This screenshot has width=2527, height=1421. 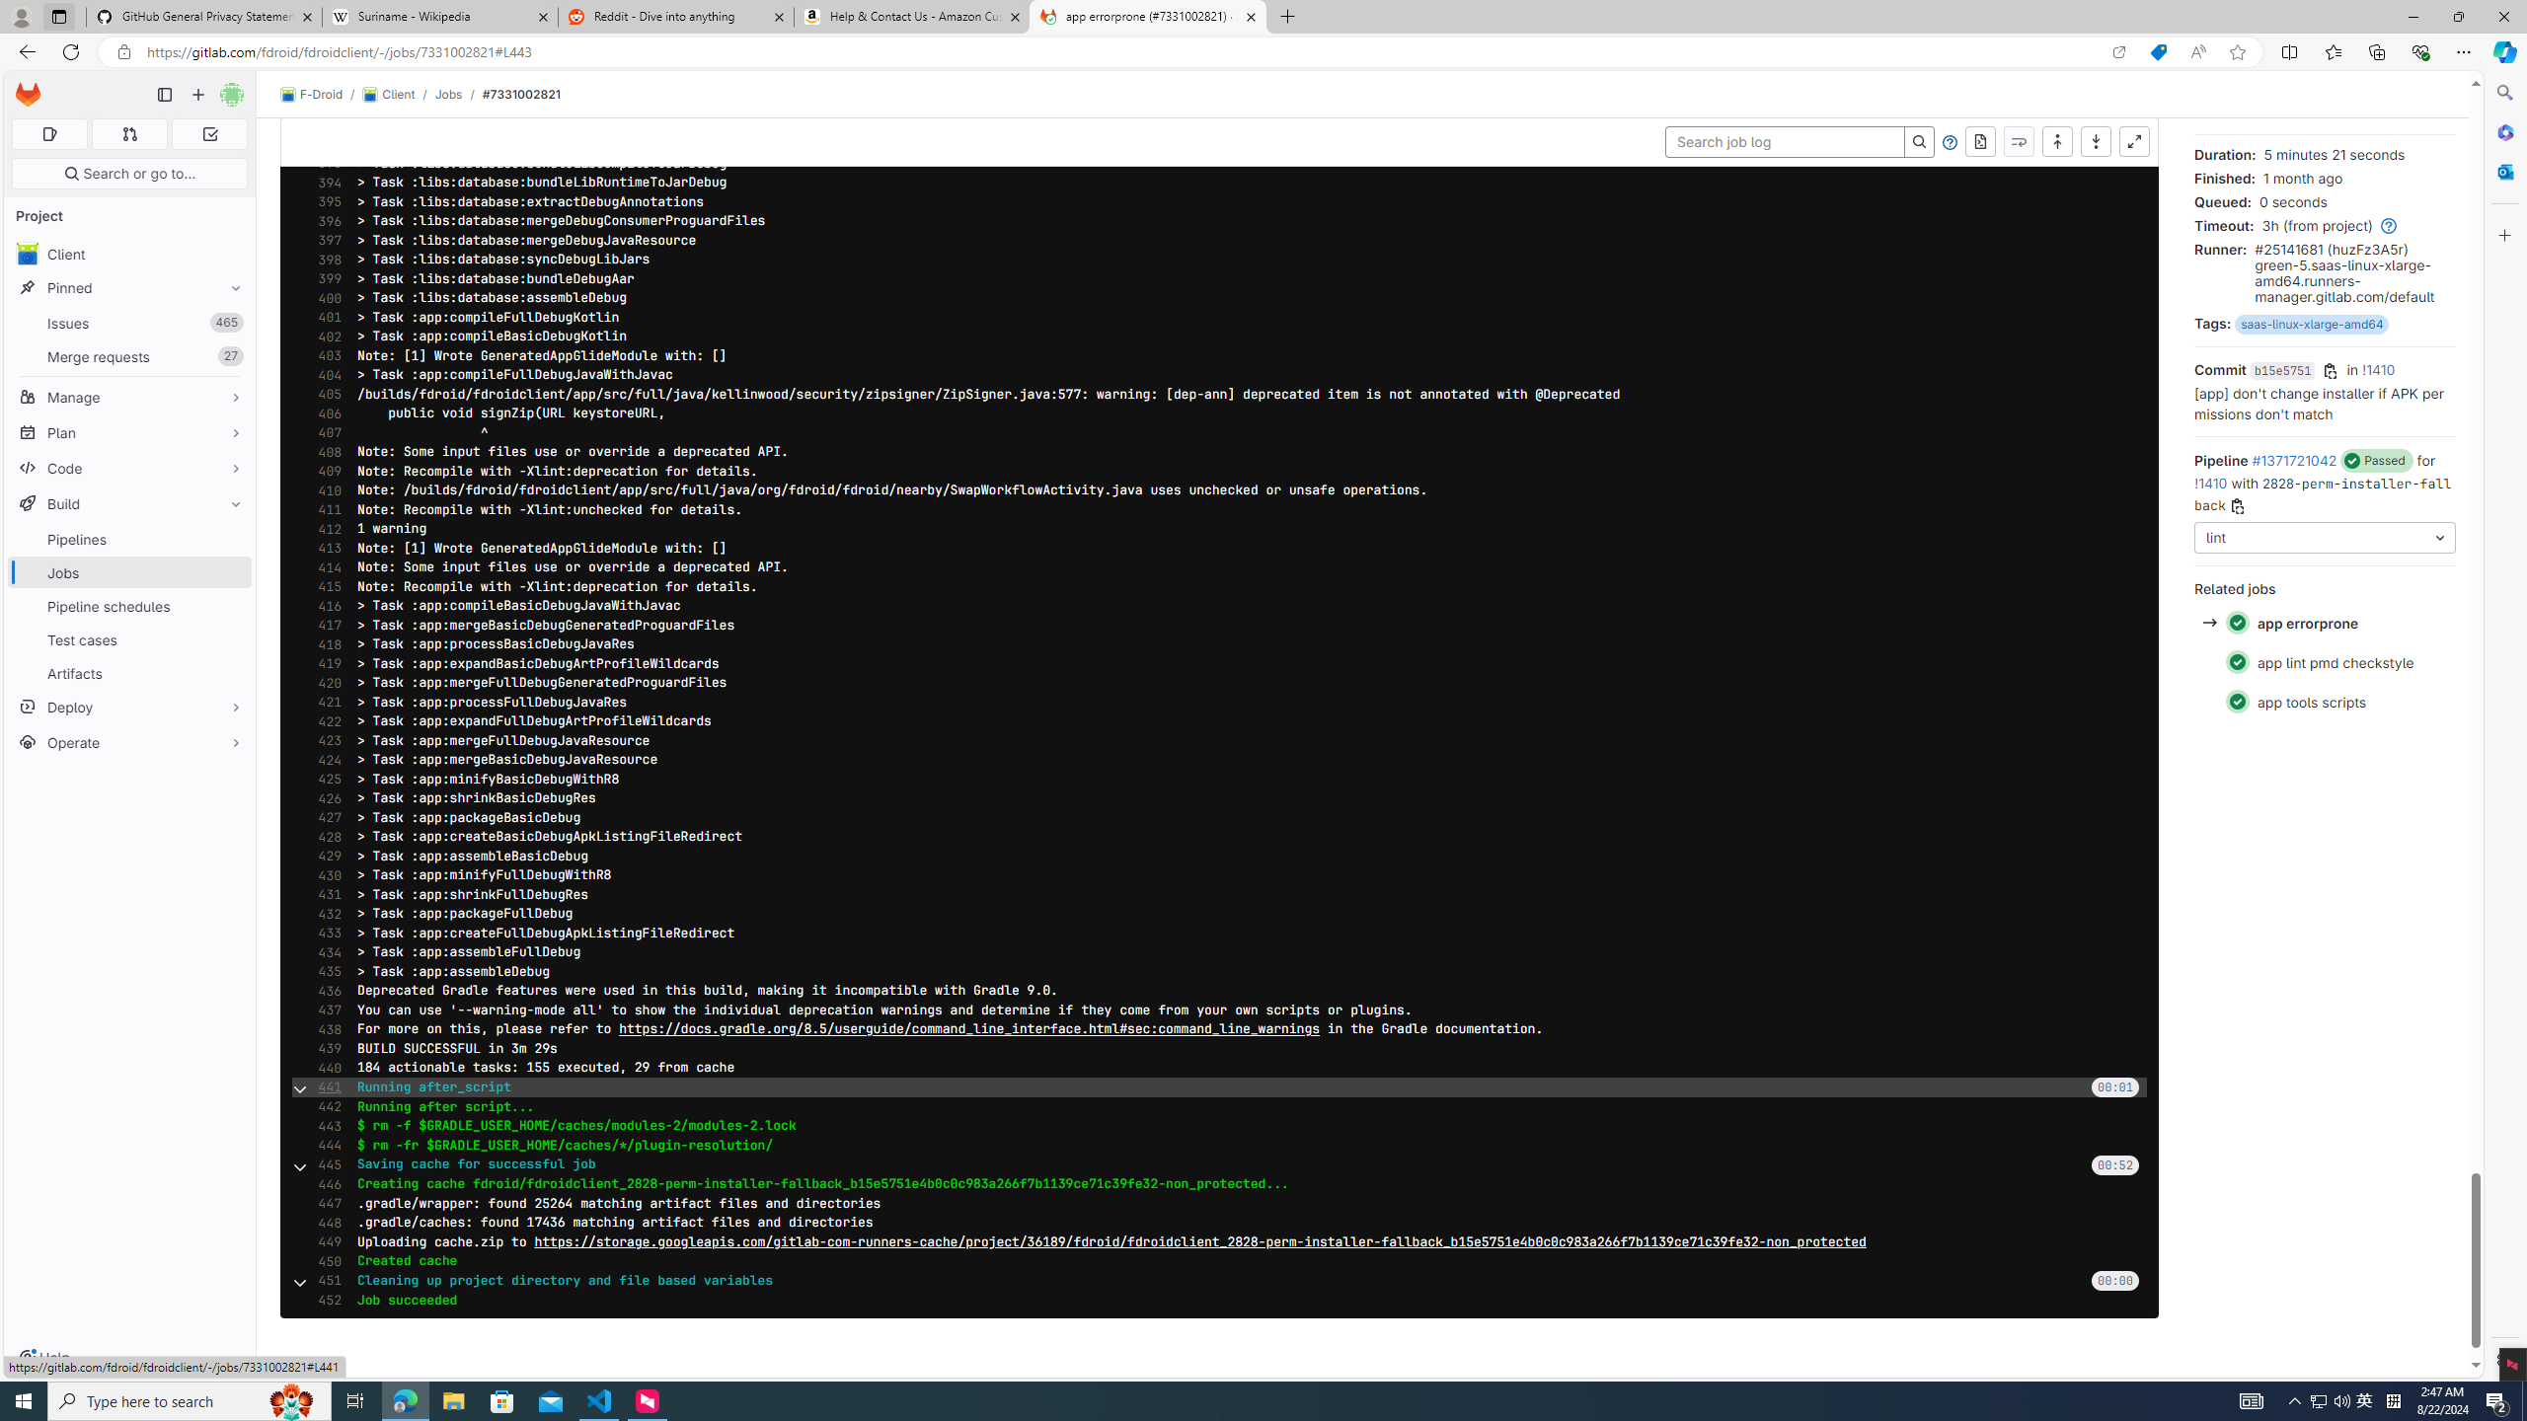 What do you see at coordinates (323, 971) in the screenshot?
I see `'435'` at bounding box center [323, 971].